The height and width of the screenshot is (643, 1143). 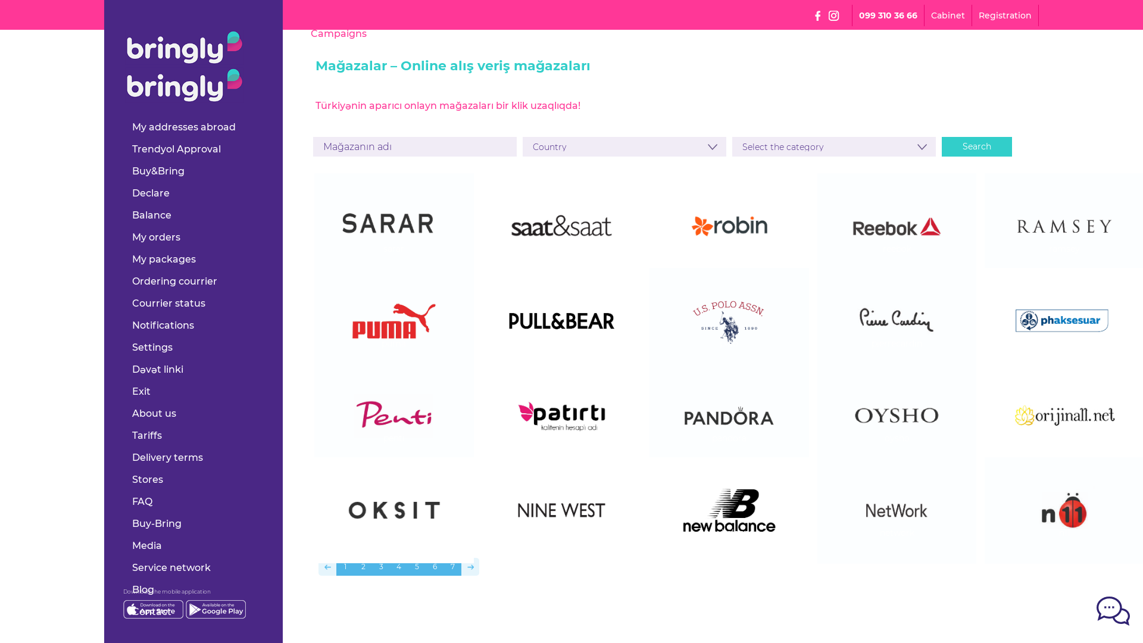 What do you see at coordinates (183, 127) in the screenshot?
I see `'My addresses abroad'` at bounding box center [183, 127].